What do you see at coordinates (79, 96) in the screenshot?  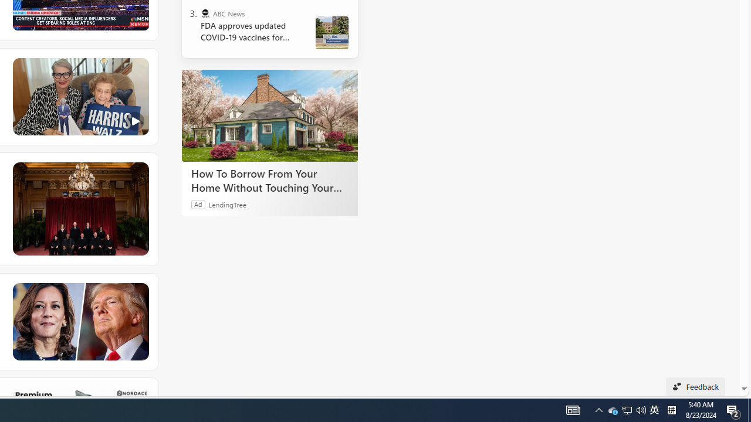 I see `'Class: hero-image'` at bounding box center [79, 96].